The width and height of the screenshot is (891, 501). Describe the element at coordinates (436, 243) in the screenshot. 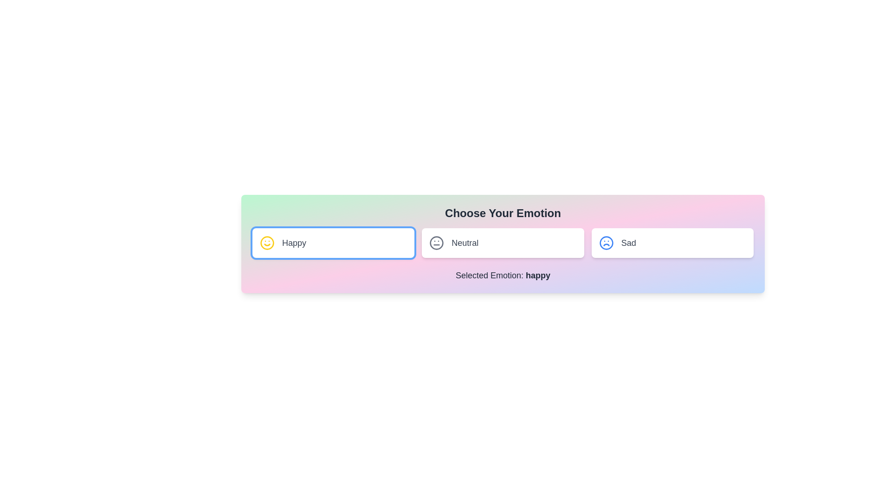

I see `the Circular SVG graphic that serves as the backdrop for the 'Neutral' emoticon, which is the largest circular shape in the SVG component` at that location.